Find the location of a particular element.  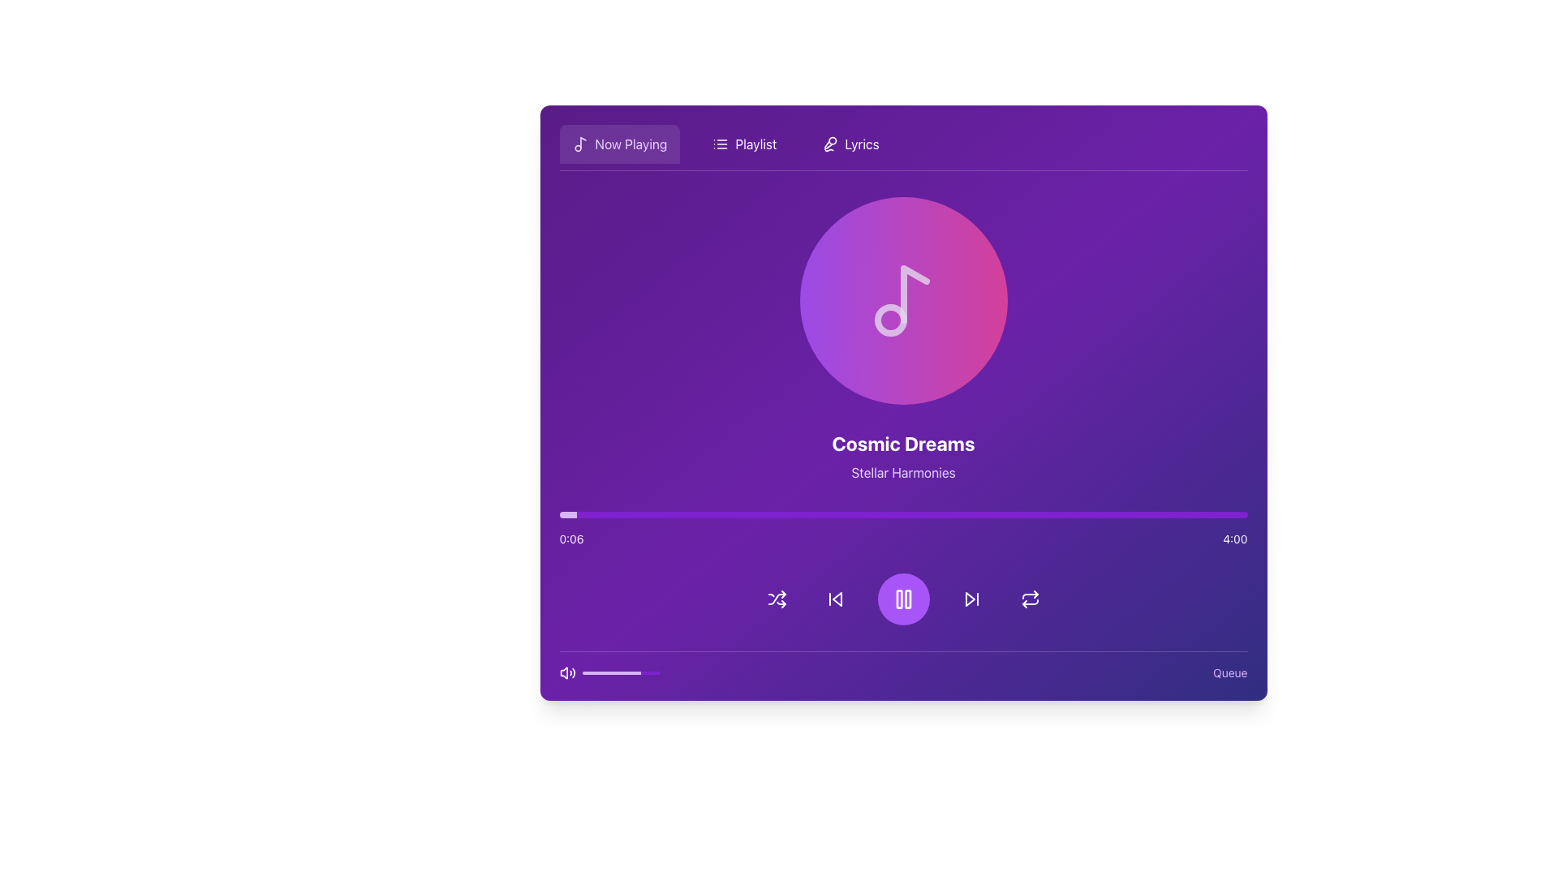

the shuffle button, which has a crossed arrows icon on a purple background is located at coordinates (776, 599).